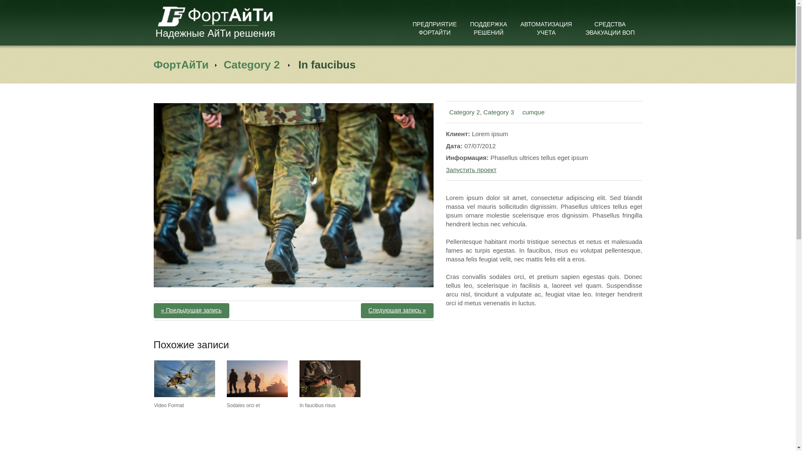 Image resolution: width=802 pixels, height=451 pixels. Describe the element at coordinates (154, 405) in the screenshot. I see `'Video Format'` at that location.